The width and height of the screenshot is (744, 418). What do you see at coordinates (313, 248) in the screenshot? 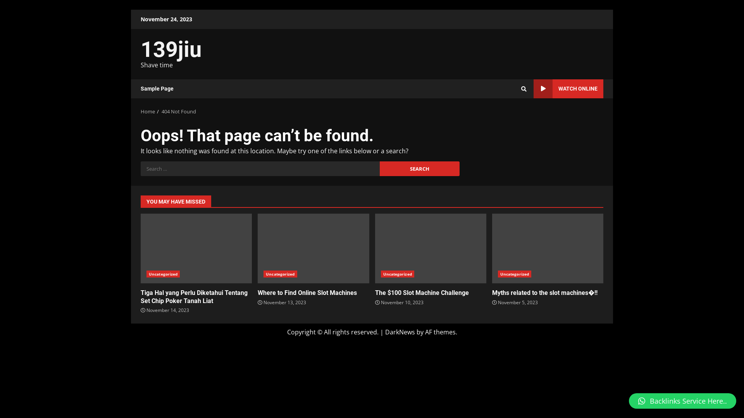
I see `'Where to Find Online Slot Machines'` at bounding box center [313, 248].